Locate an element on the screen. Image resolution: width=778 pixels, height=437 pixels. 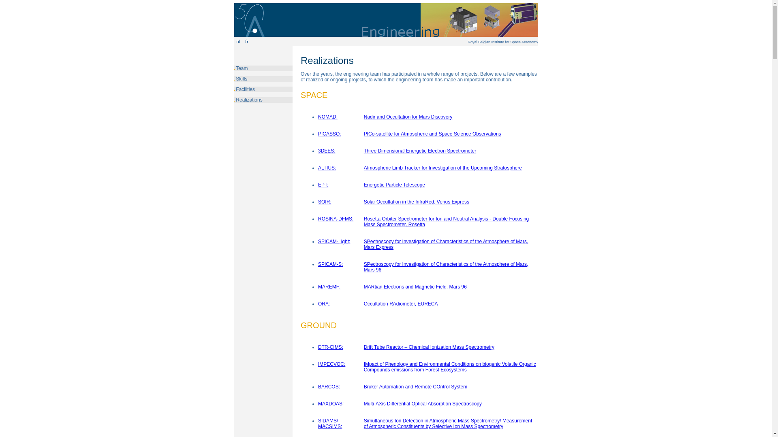
'Skills' is located at coordinates (241, 79).